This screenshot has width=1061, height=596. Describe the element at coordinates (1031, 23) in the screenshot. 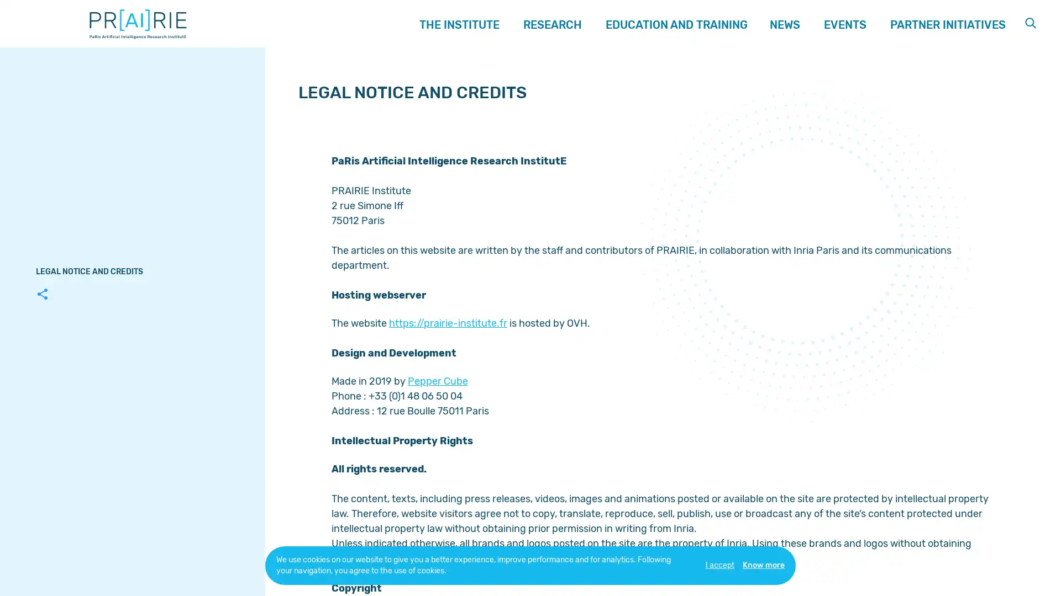

I see `Search` at that location.